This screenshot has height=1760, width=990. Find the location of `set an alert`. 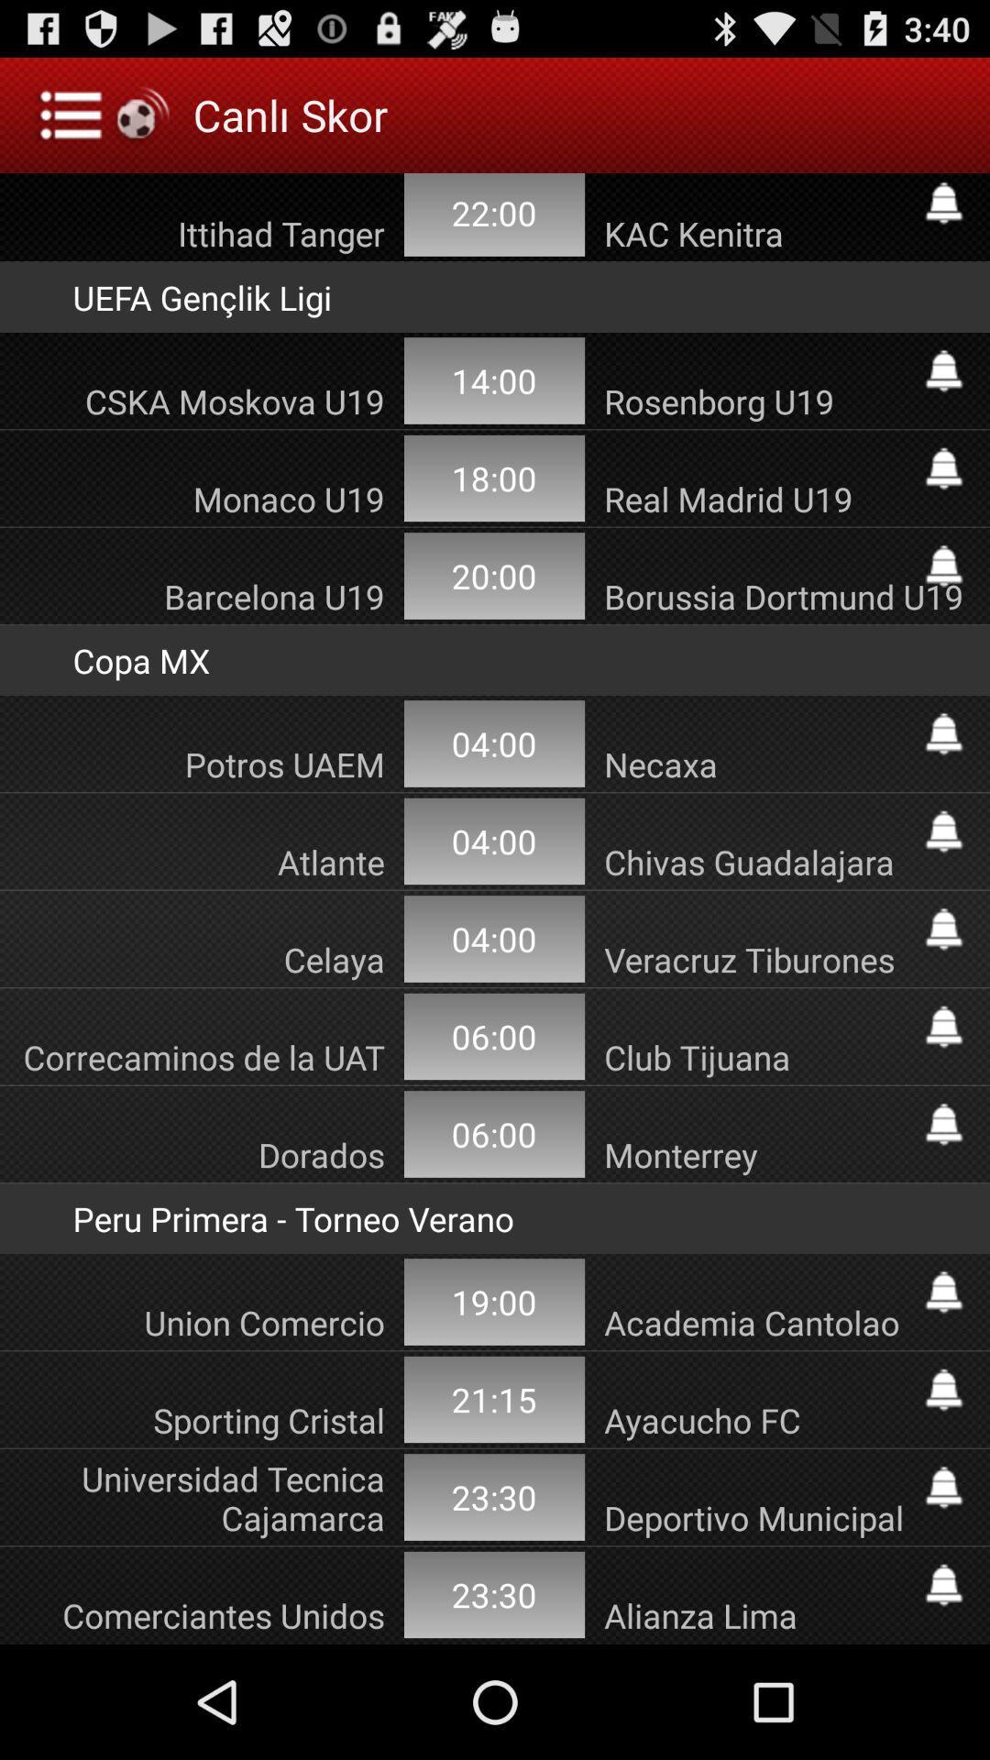

set an alert is located at coordinates (943, 830).